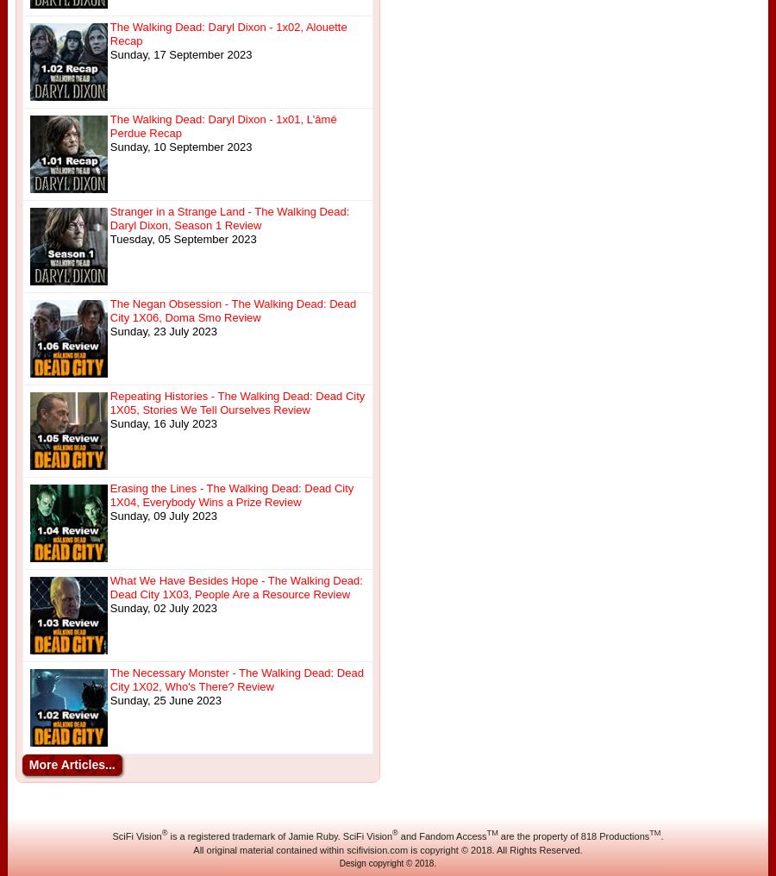 This screenshot has height=876, width=776. What do you see at coordinates (183, 238) in the screenshot?
I see `'Tuesday, 05 September 2023'` at bounding box center [183, 238].